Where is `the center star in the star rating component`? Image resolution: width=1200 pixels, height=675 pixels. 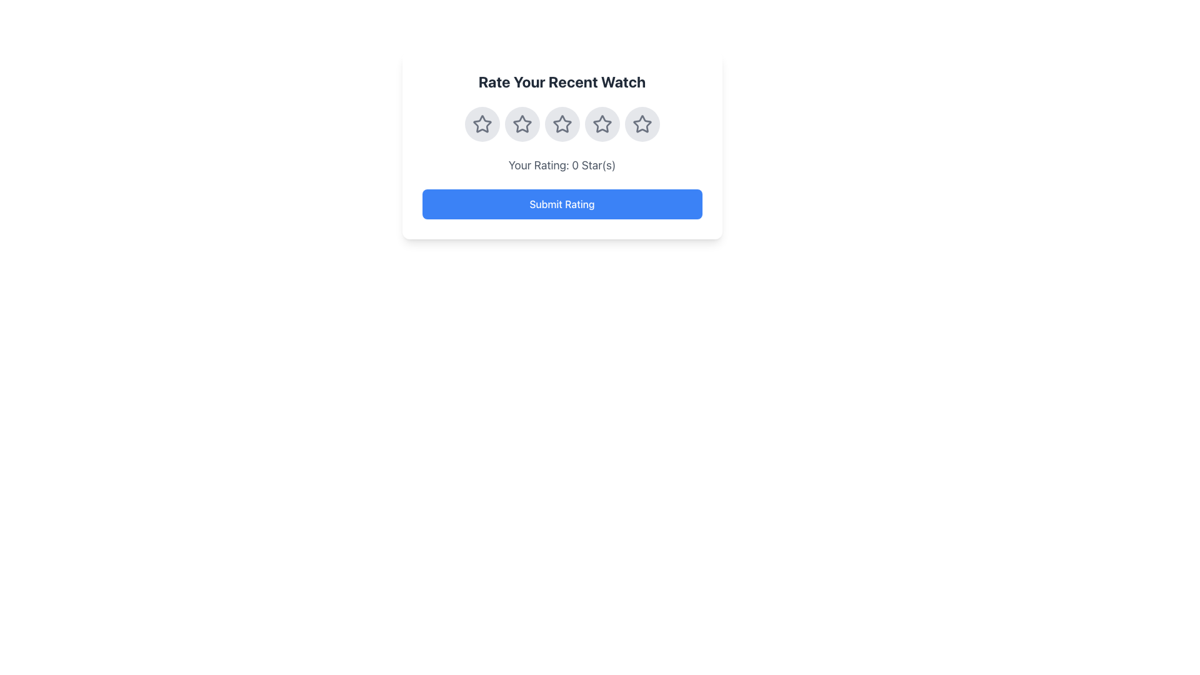
the center star in the star rating component is located at coordinates (561, 124).